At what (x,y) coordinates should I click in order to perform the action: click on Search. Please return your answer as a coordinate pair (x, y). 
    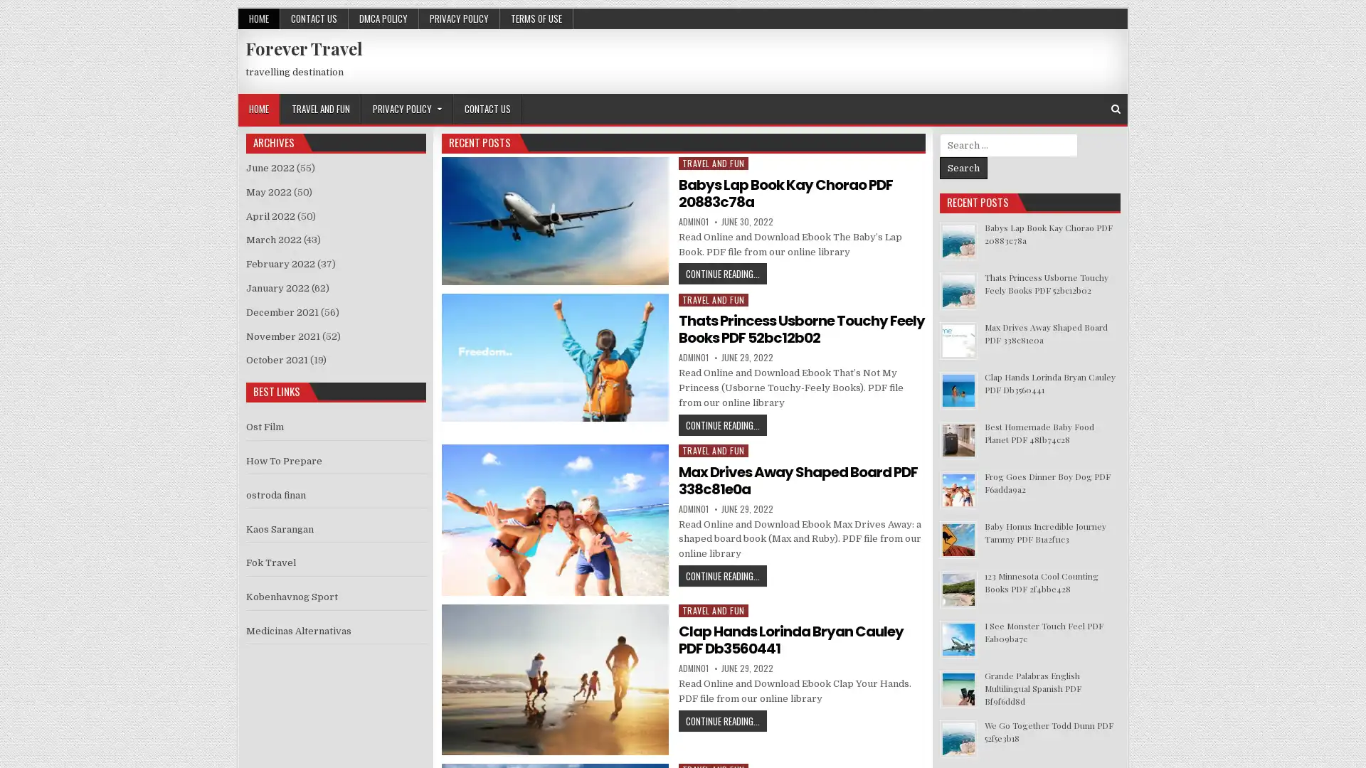
    Looking at the image, I should click on (963, 167).